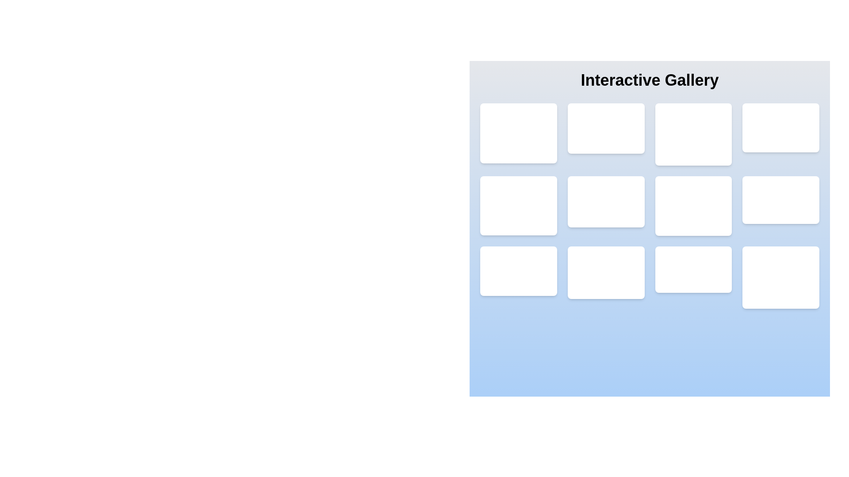 The image size is (849, 477). I want to click on the third Card item in the first row of the gallery display, which has a white background and rounded corners, so click(693, 134).